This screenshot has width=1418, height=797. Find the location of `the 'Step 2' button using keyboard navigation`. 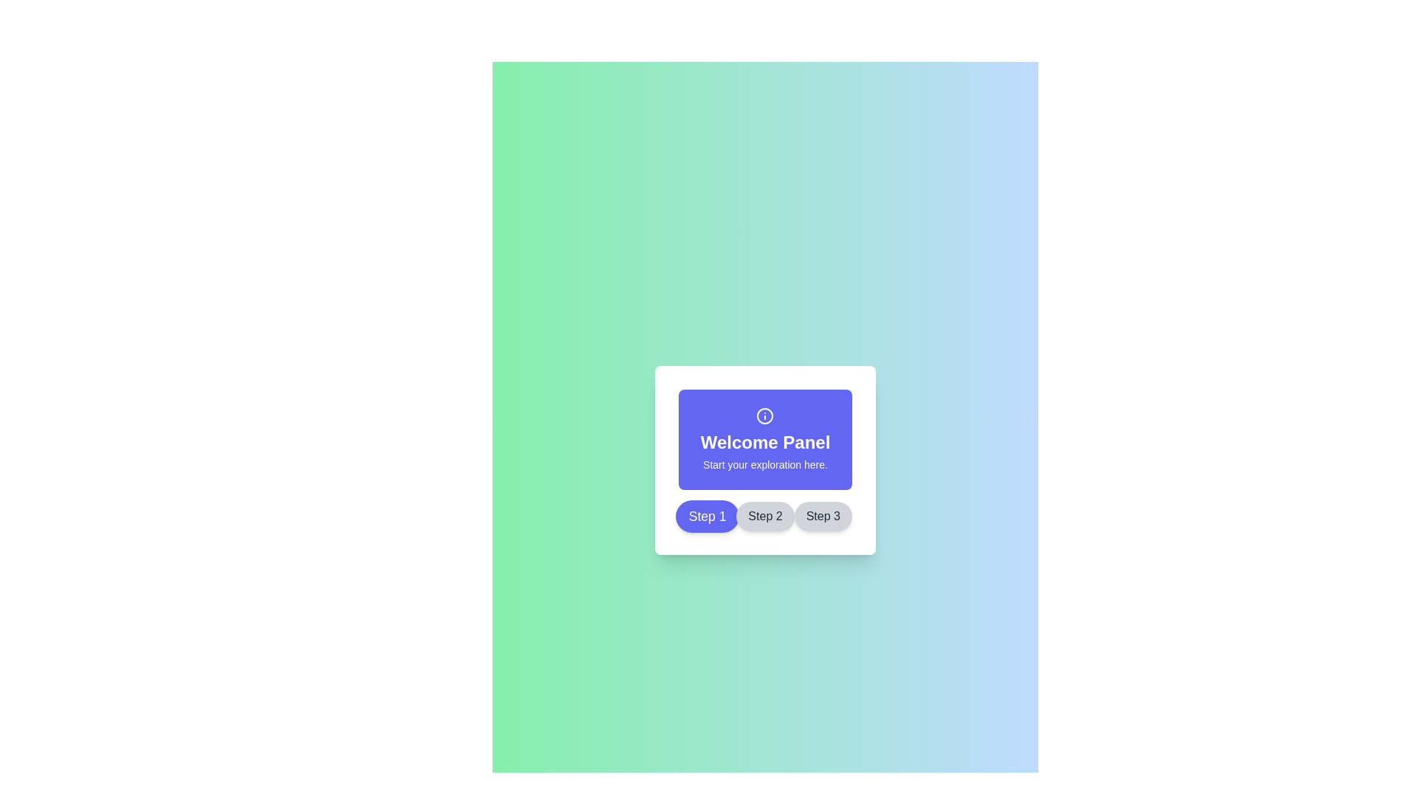

the 'Step 2' button using keyboard navigation is located at coordinates (765, 515).